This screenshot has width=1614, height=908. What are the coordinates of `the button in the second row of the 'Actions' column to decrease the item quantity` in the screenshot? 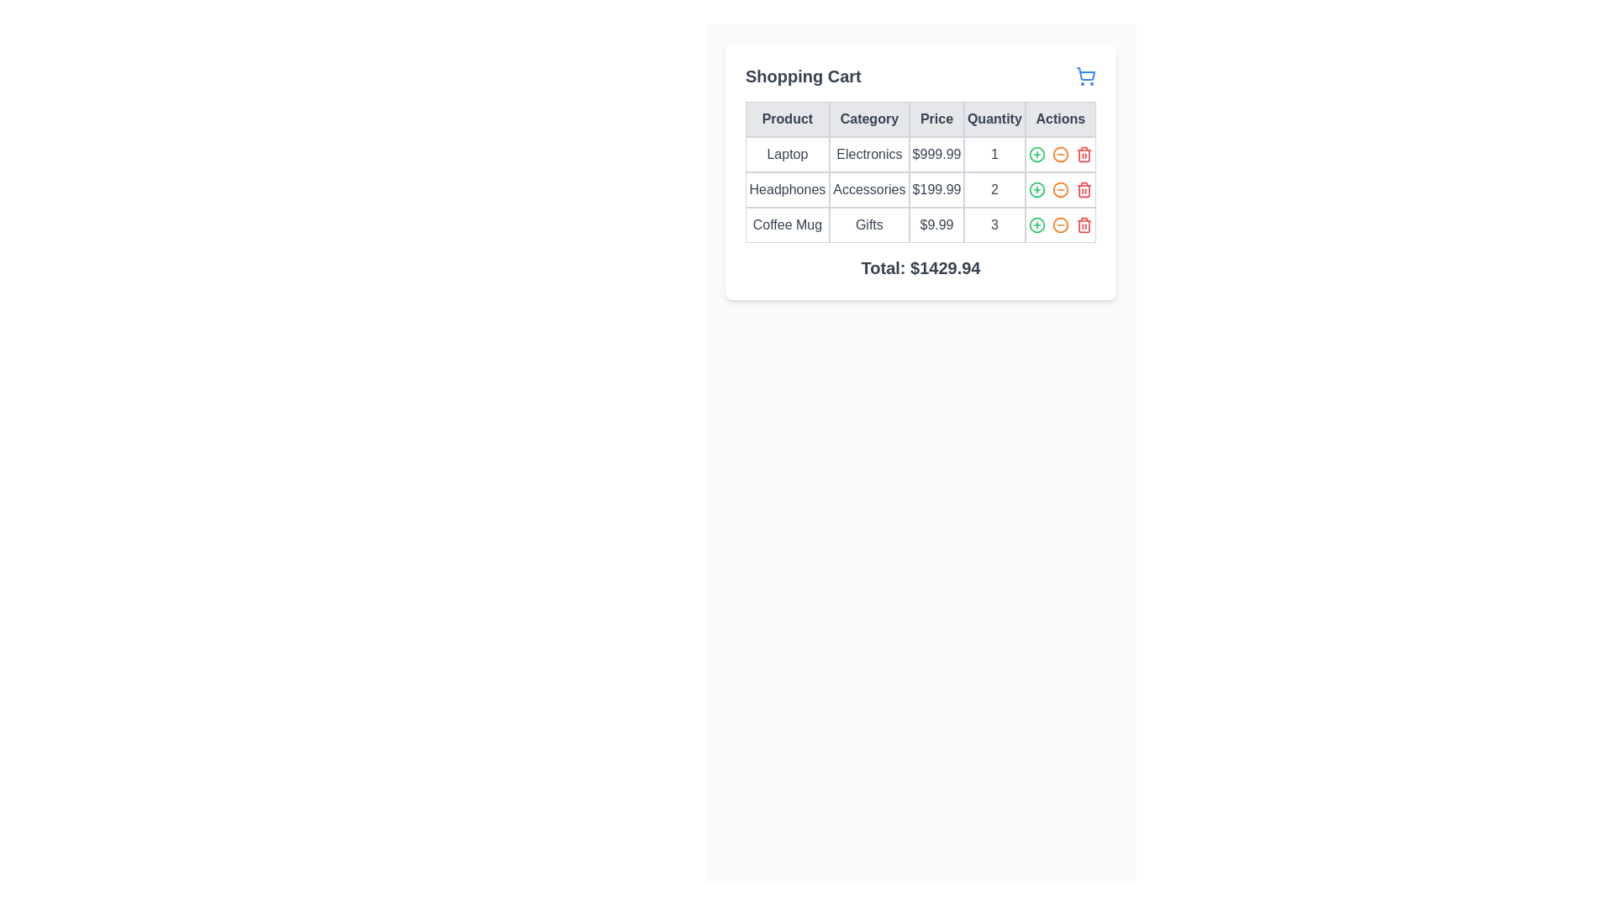 It's located at (1059, 189).